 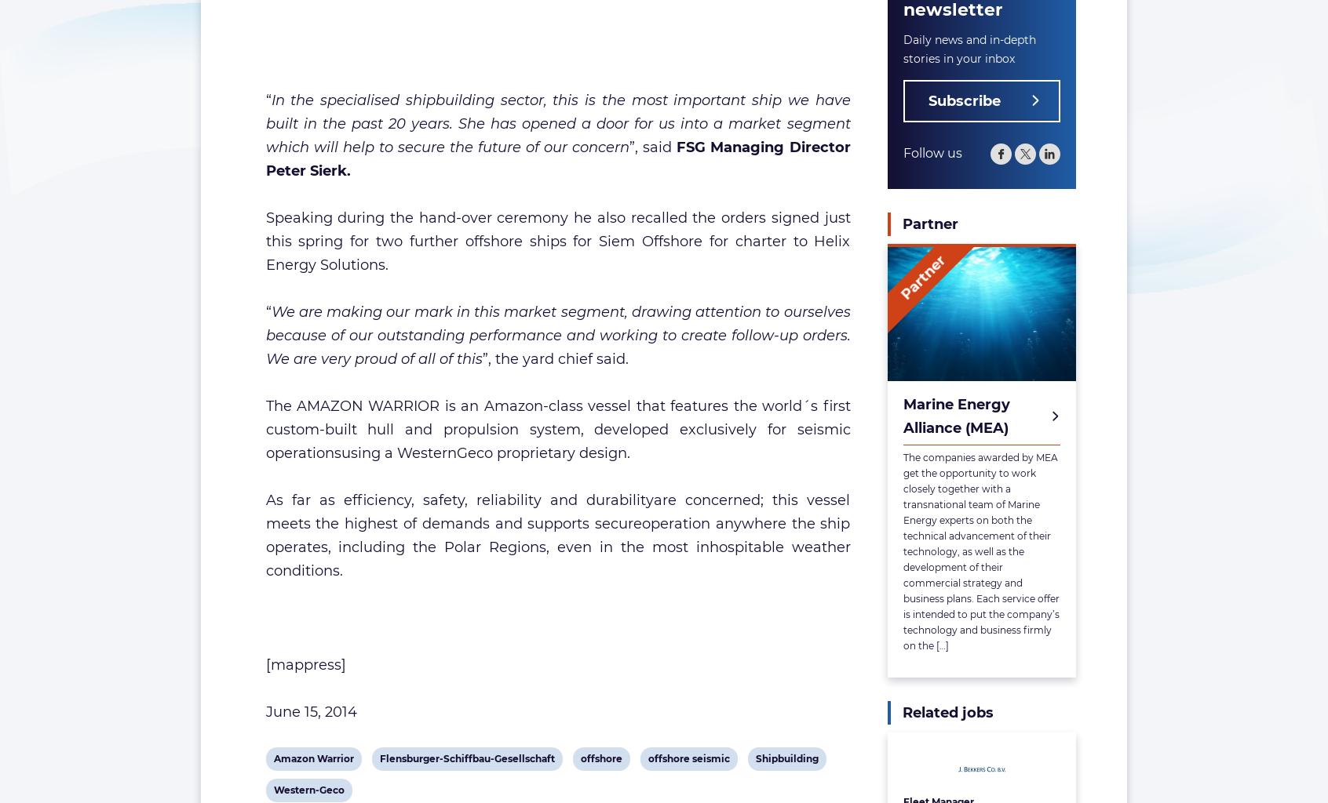 I want to click on 'The AMAZON WARRIOR is an Amazon-class vessel that features the world´s first custom-built hull and propulsion system, developed exclusively for seismic operationsusing a WesternGeco proprietary design.', so click(x=556, y=430).